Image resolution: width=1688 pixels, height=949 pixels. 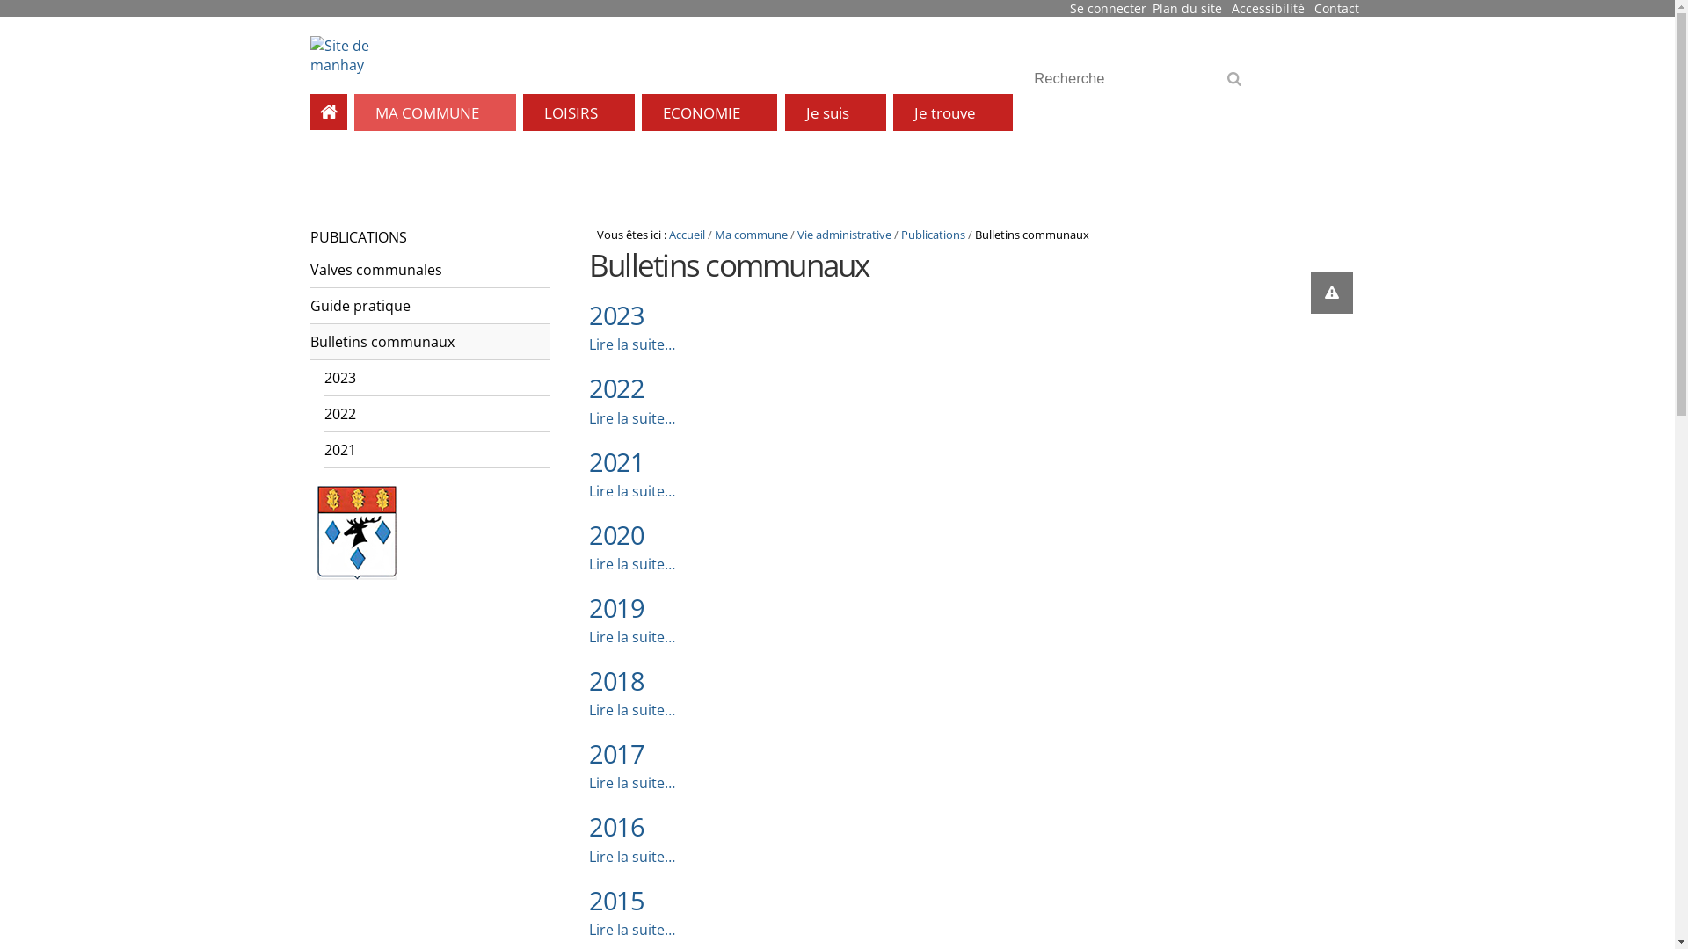 What do you see at coordinates (751, 233) in the screenshot?
I see `'Ma commune'` at bounding box center [751, 233].